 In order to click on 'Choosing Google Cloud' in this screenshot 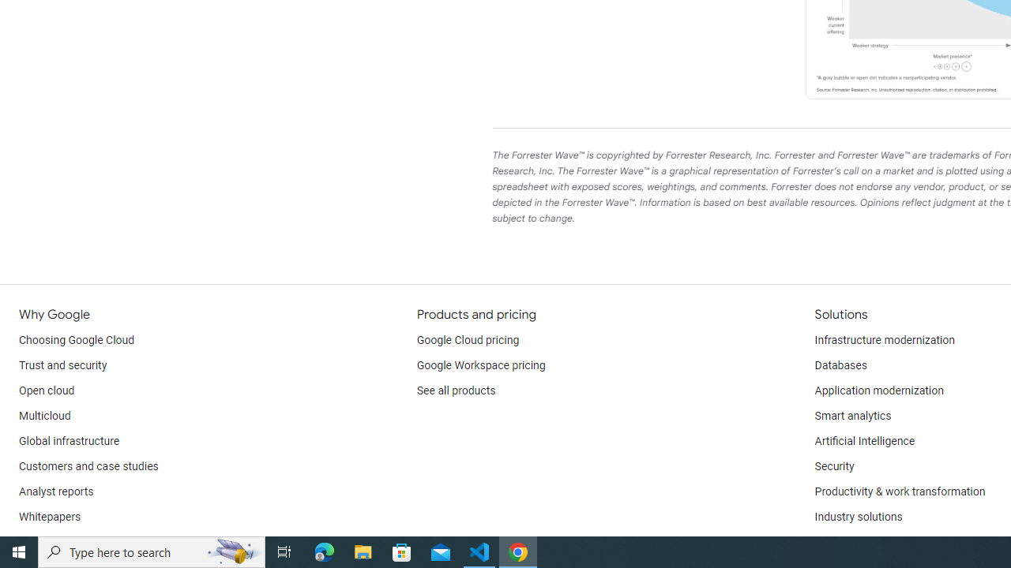, I will do `click(76, 340)`.